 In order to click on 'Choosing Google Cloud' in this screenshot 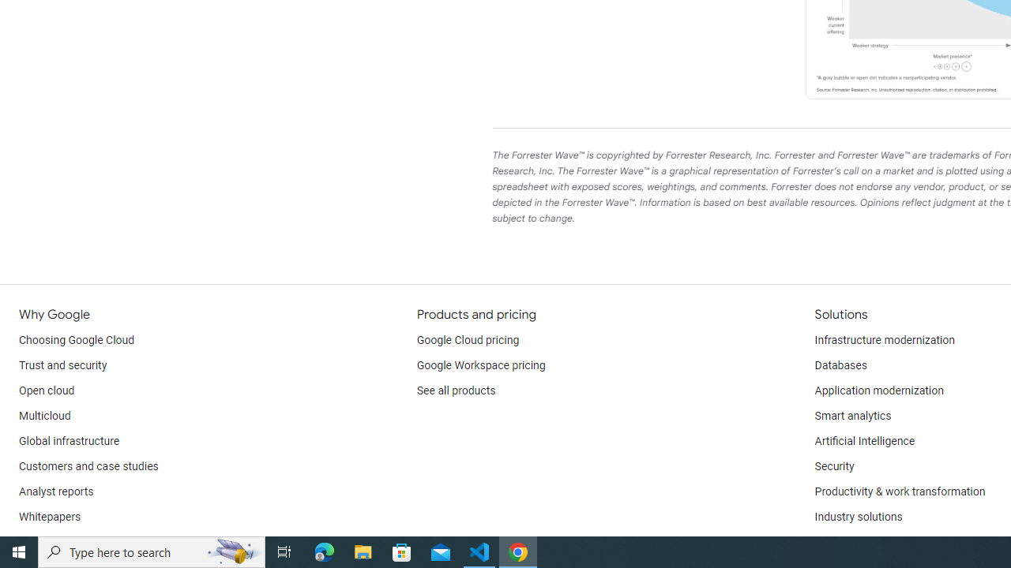, I will do `click(76, 340)`.